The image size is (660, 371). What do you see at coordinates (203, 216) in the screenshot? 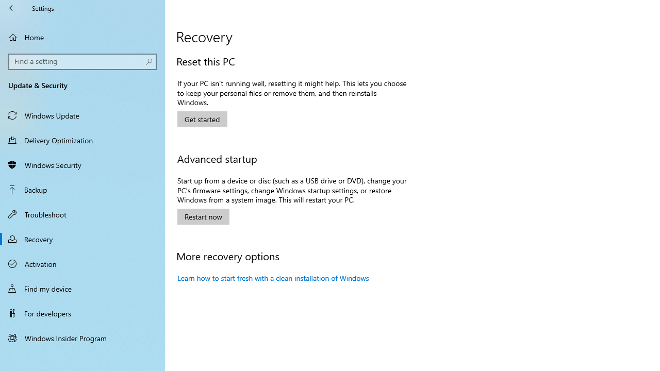
I see `'Restart now to view advanced startup options'` at bounding box center [203, 216].